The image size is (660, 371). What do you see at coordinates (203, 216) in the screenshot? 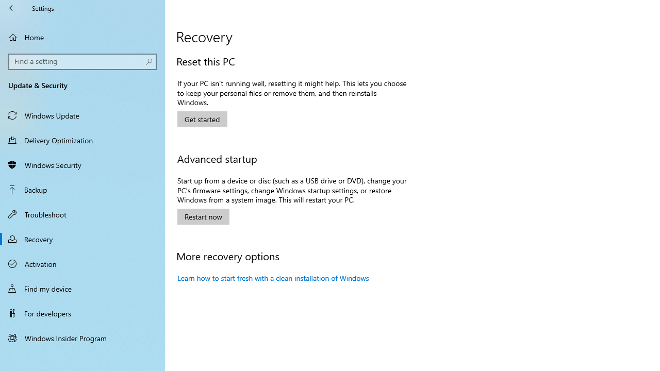
I see `'Restart now to view advanced startup options'` at bounding box center [203, 216].